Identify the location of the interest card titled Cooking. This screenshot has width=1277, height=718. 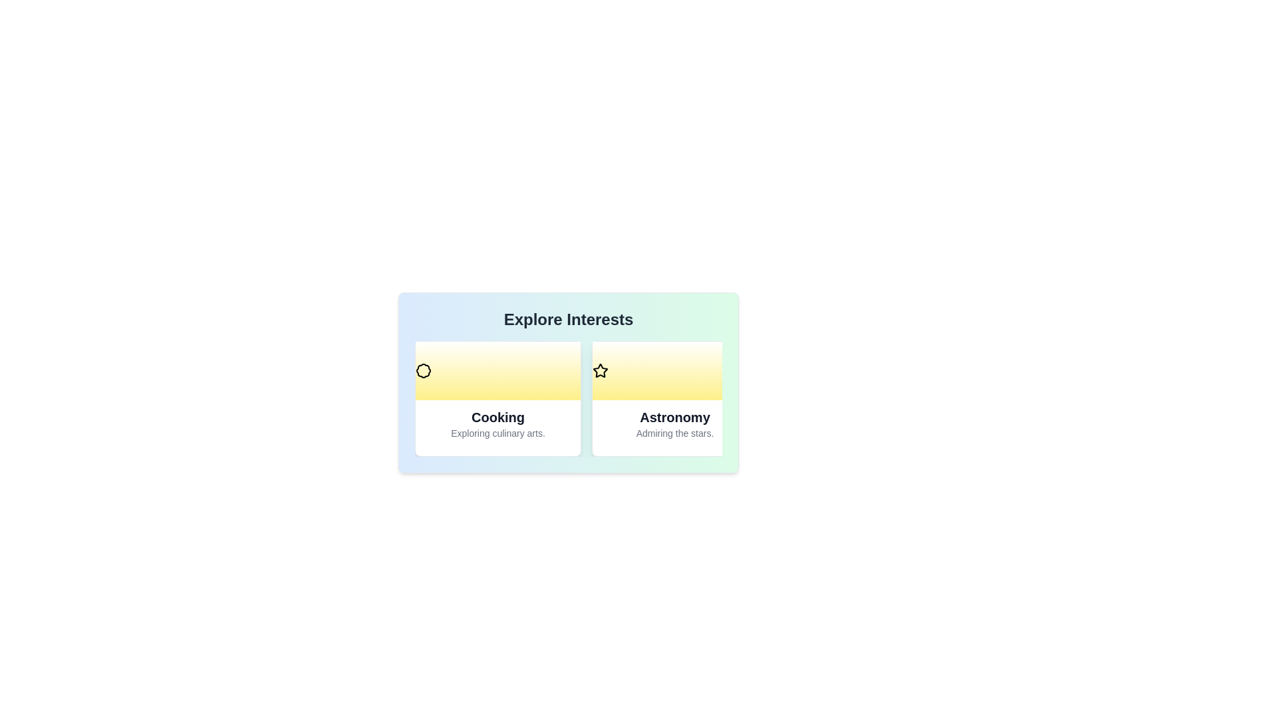
(497, 398).